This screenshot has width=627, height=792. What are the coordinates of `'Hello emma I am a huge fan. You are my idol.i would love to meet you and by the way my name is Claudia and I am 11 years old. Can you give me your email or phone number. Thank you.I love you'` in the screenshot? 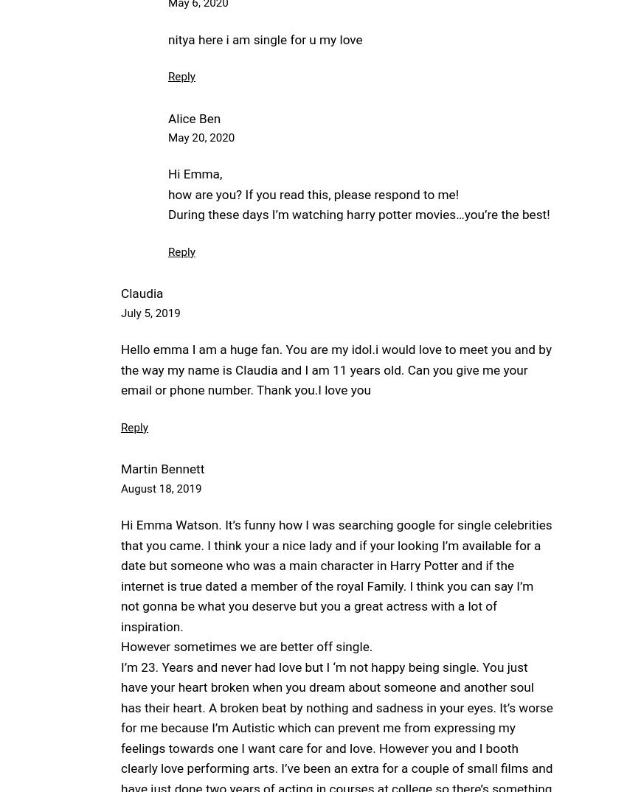 It's located at (336, 369).